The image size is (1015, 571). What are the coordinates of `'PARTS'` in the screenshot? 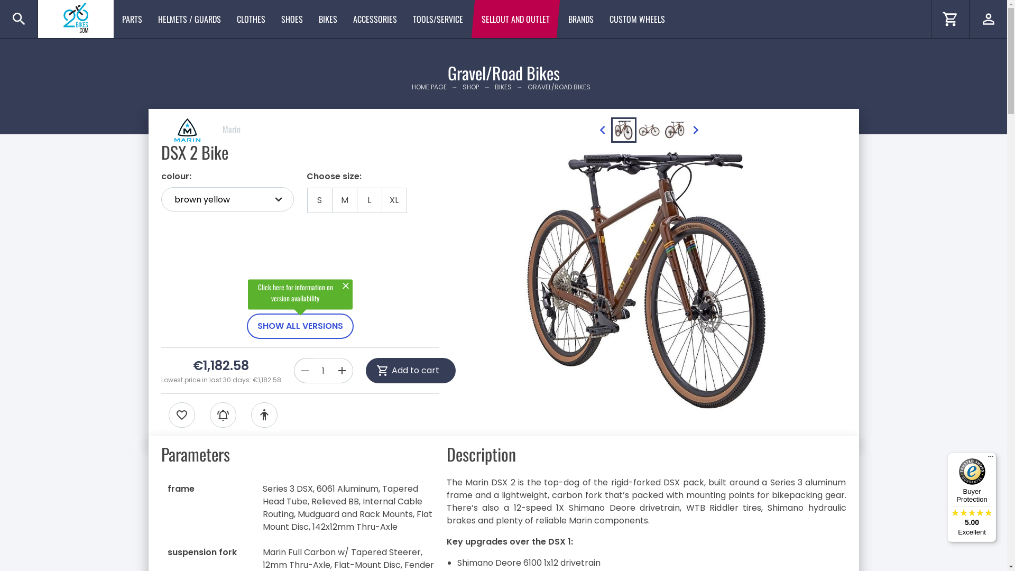 It's located at (131, 19).